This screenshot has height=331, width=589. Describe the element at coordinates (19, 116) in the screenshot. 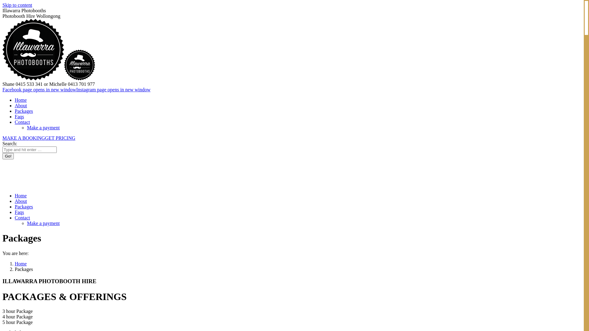

I see `'Faqs'` at that location.